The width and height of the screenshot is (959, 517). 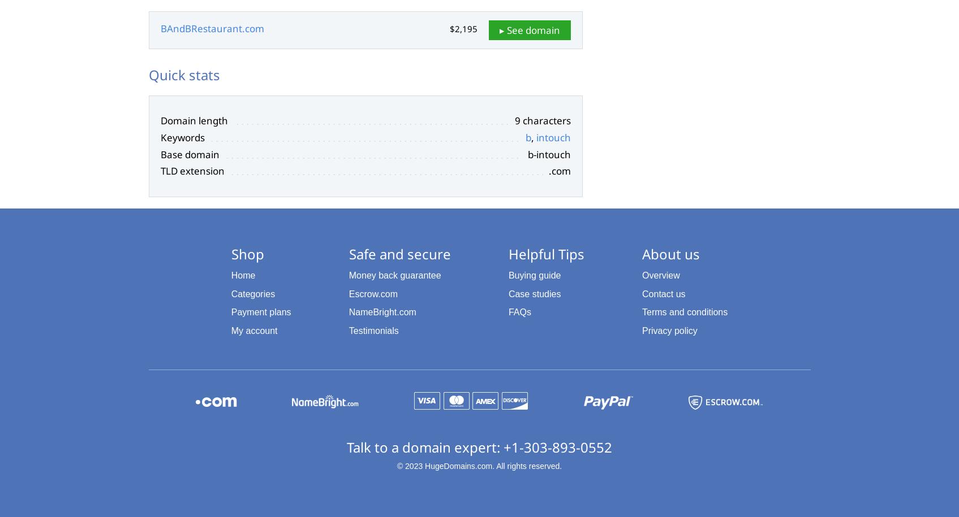 What do you see at coordinates (542, 120) in the screenshot?
I see `'9 characters'` at bounding box center [542, 120].